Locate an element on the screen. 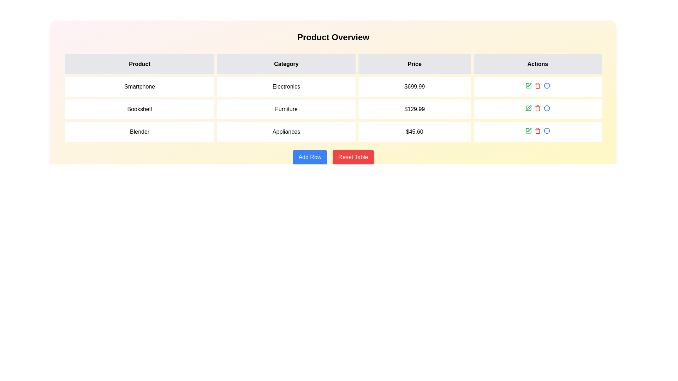 The image size is (678, 381). the pen-shaped icon within the button in the second row of the table's 'Actions' column is located at coordinates (529, 107).